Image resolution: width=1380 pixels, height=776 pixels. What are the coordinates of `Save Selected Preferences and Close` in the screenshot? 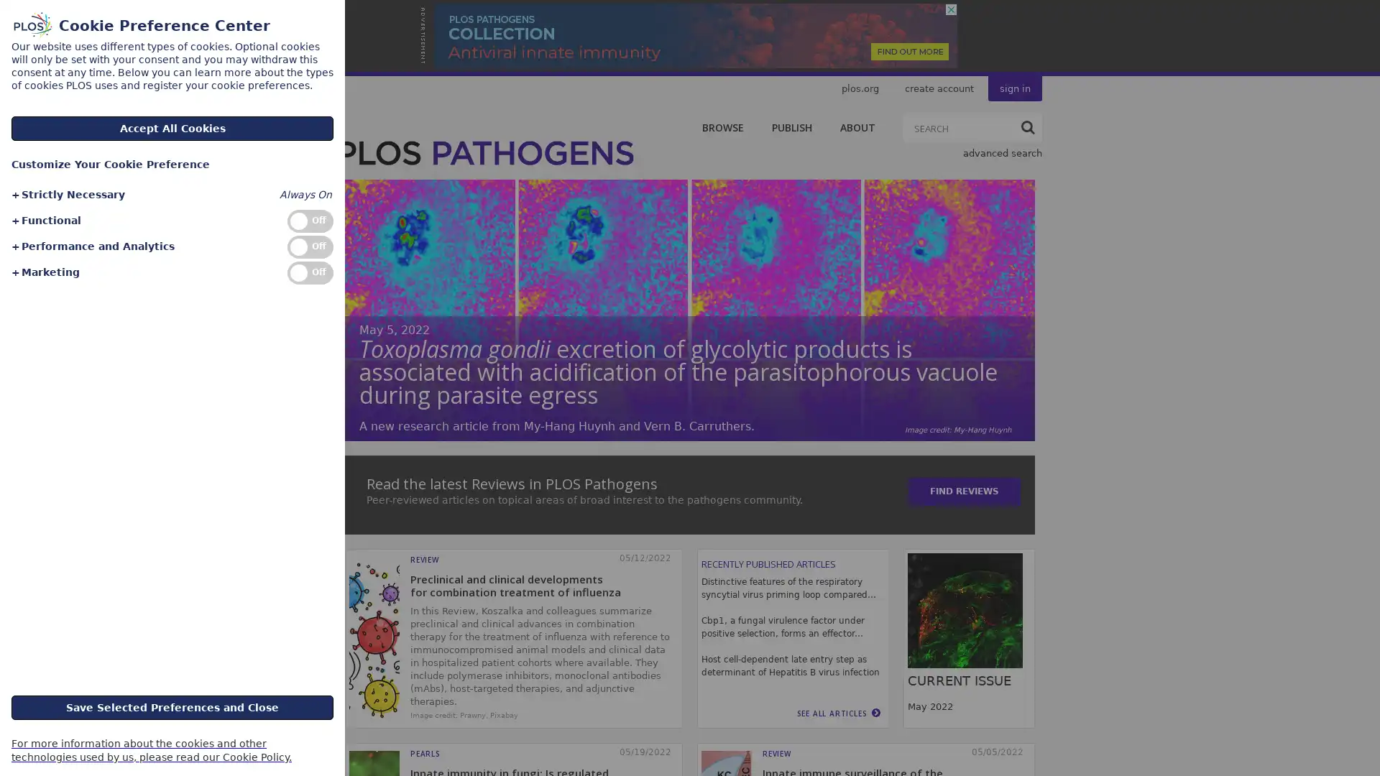 It's located at (172, 706).